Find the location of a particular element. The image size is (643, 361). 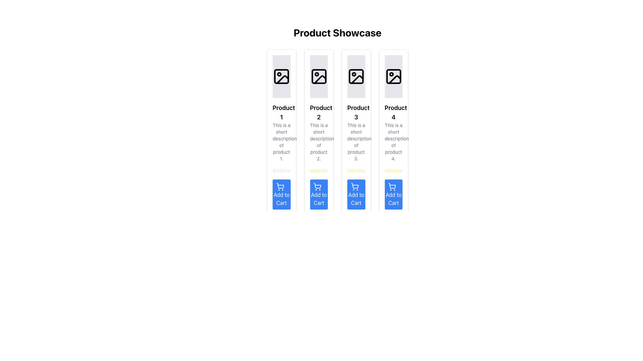

the icon within the blue 'Add to Cart' button of the fourth product in the grid layout is located at coordinates (392, 187).